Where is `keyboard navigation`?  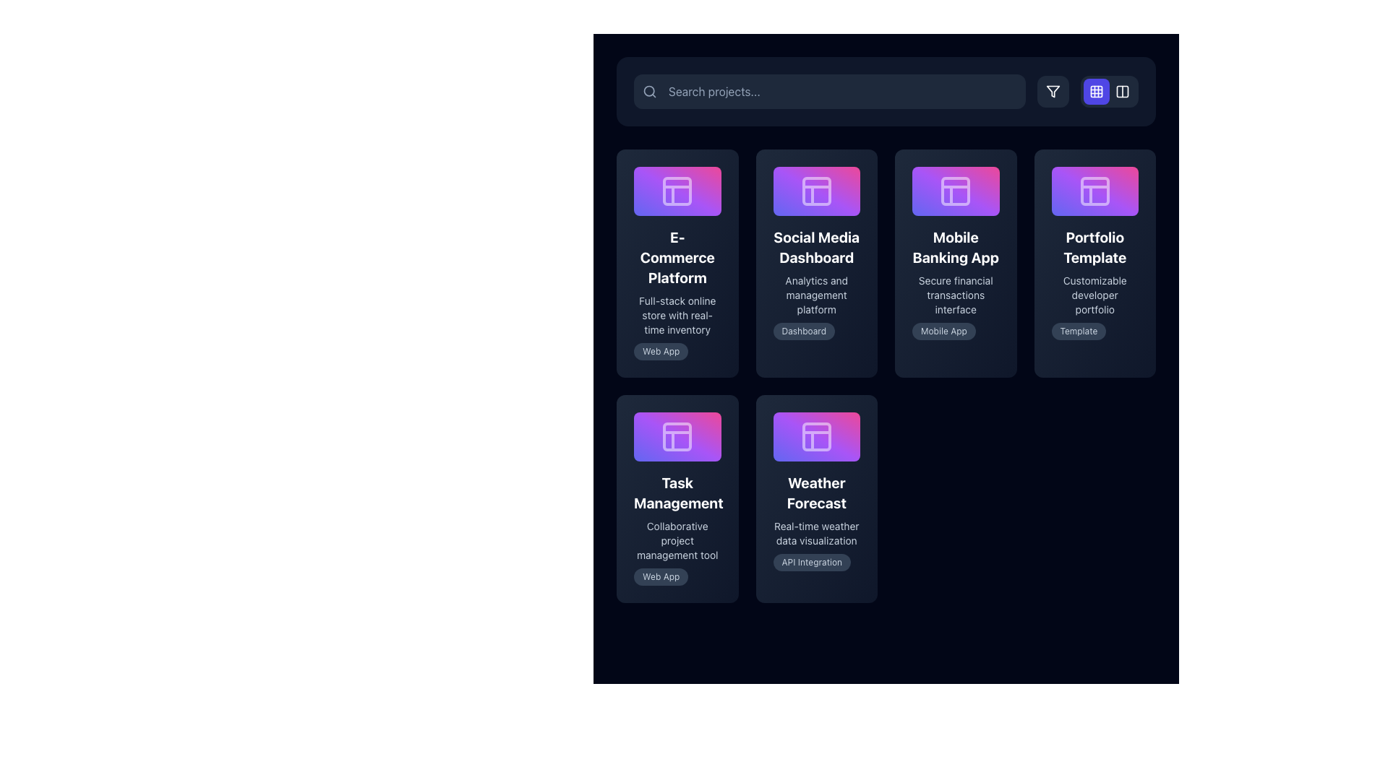 keyboard navigation is located at coordinates (677, 263).